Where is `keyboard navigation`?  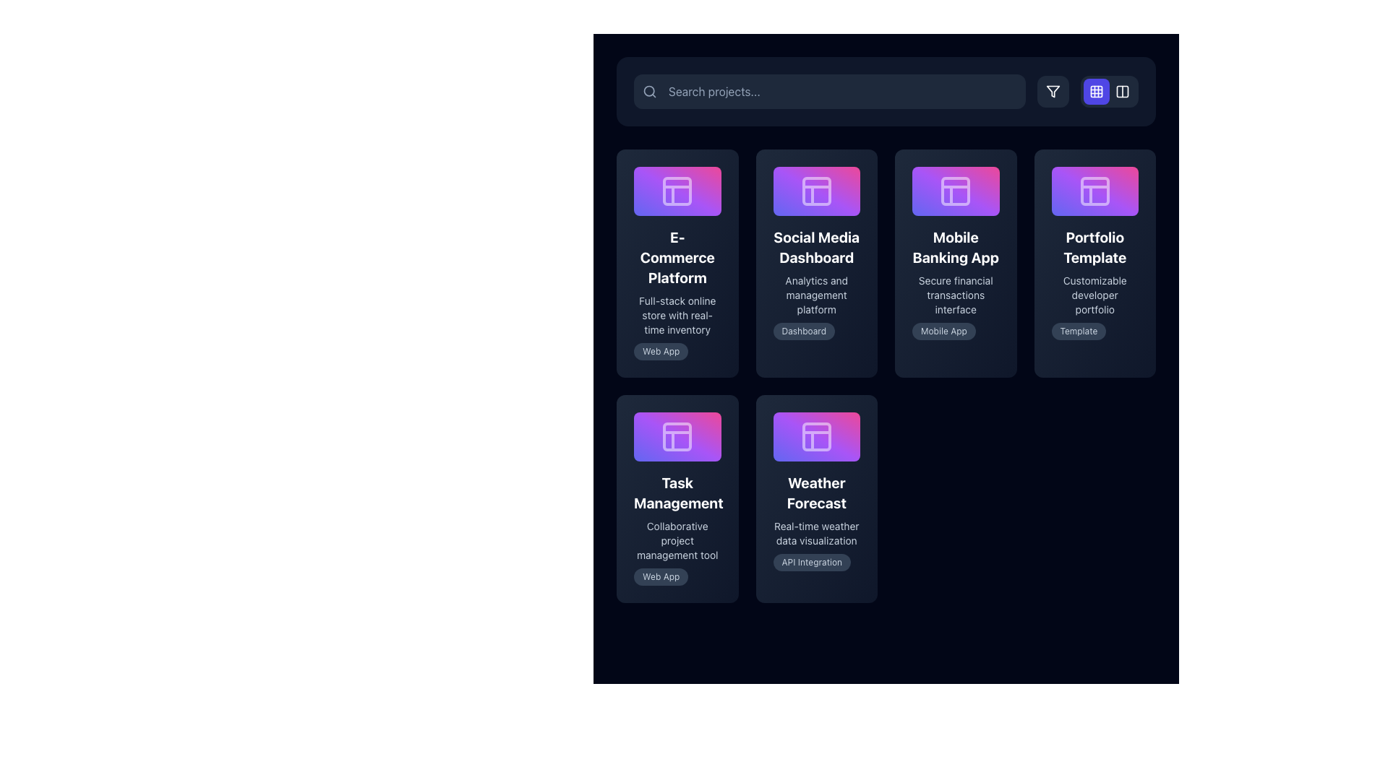 keyboard navigation is located at coordinates (677, 263).